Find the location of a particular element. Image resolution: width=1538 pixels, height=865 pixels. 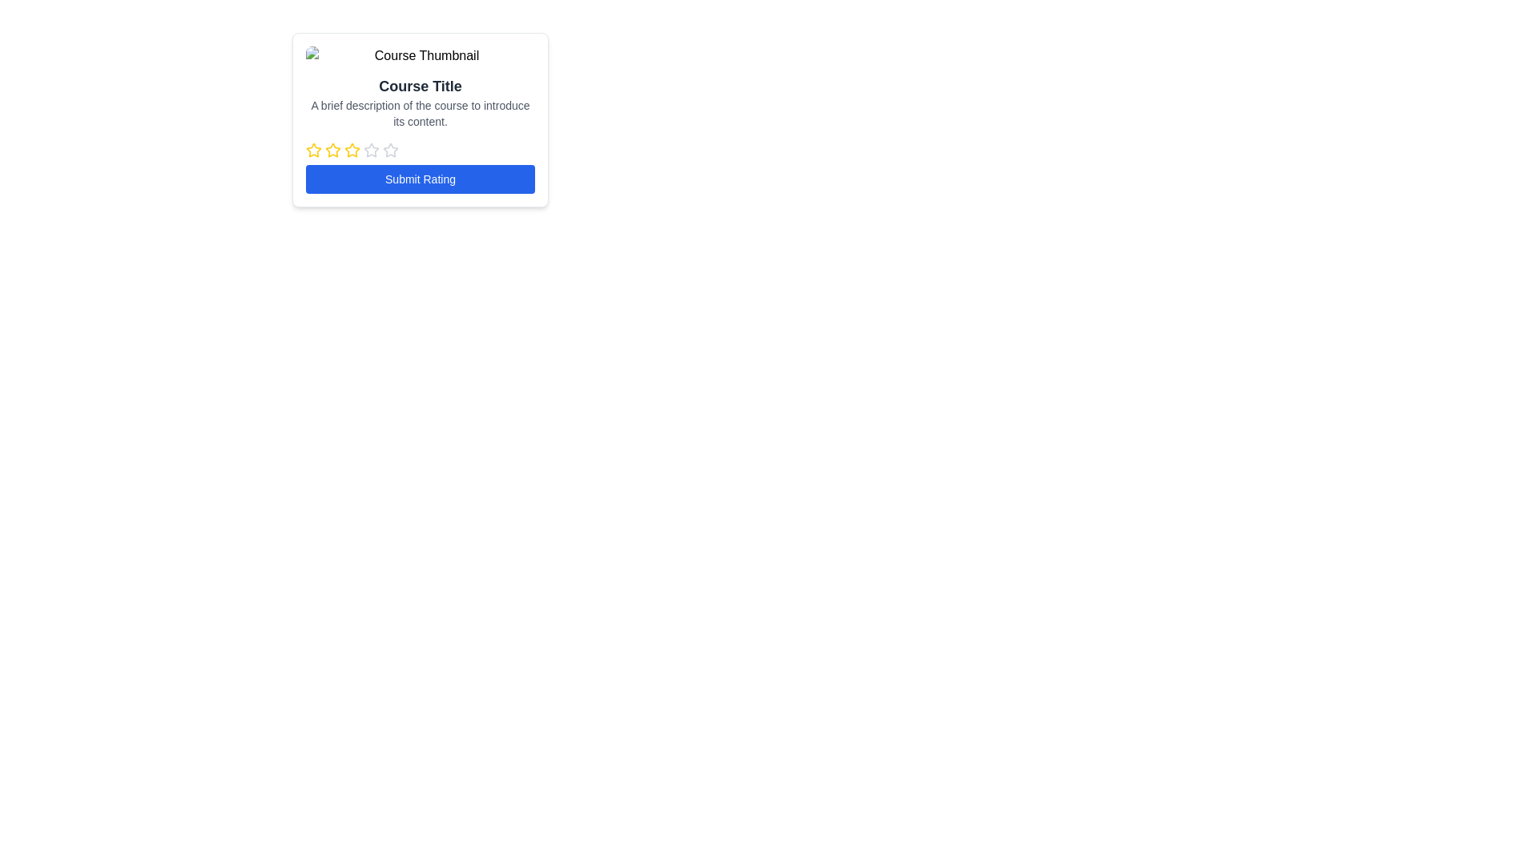

the second rating star icon is located at coordinates (352, 150).